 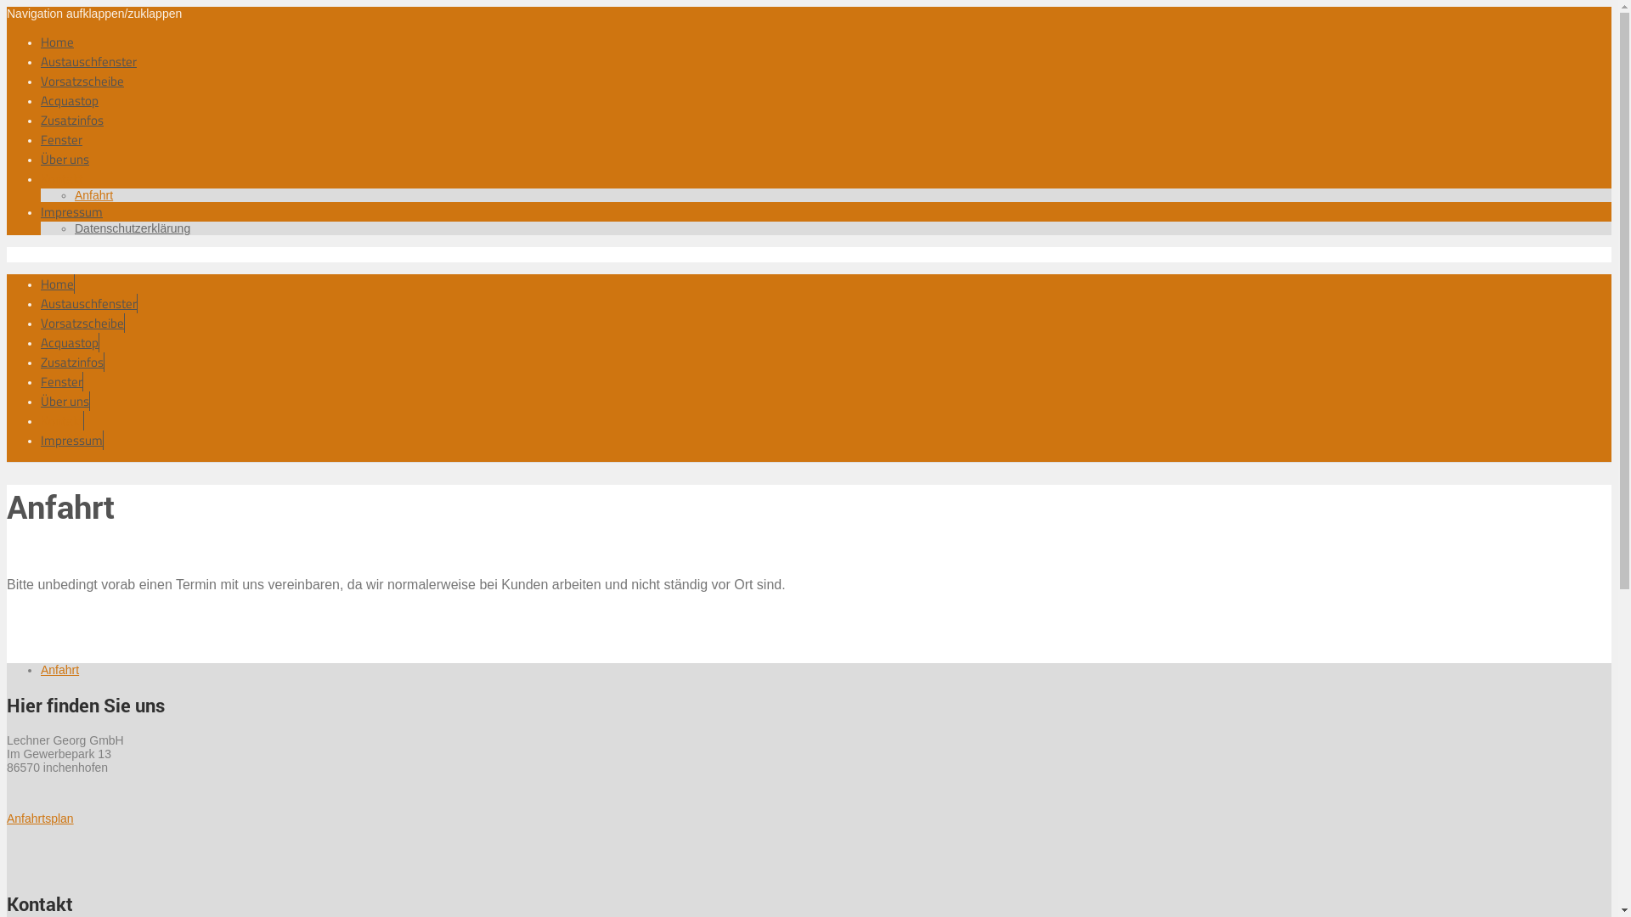 What do you see at coordinates (93, 13) in the screenshot?
I see `'Navigation aufklappen/zuklappen'` at bounding box center [93, 13].